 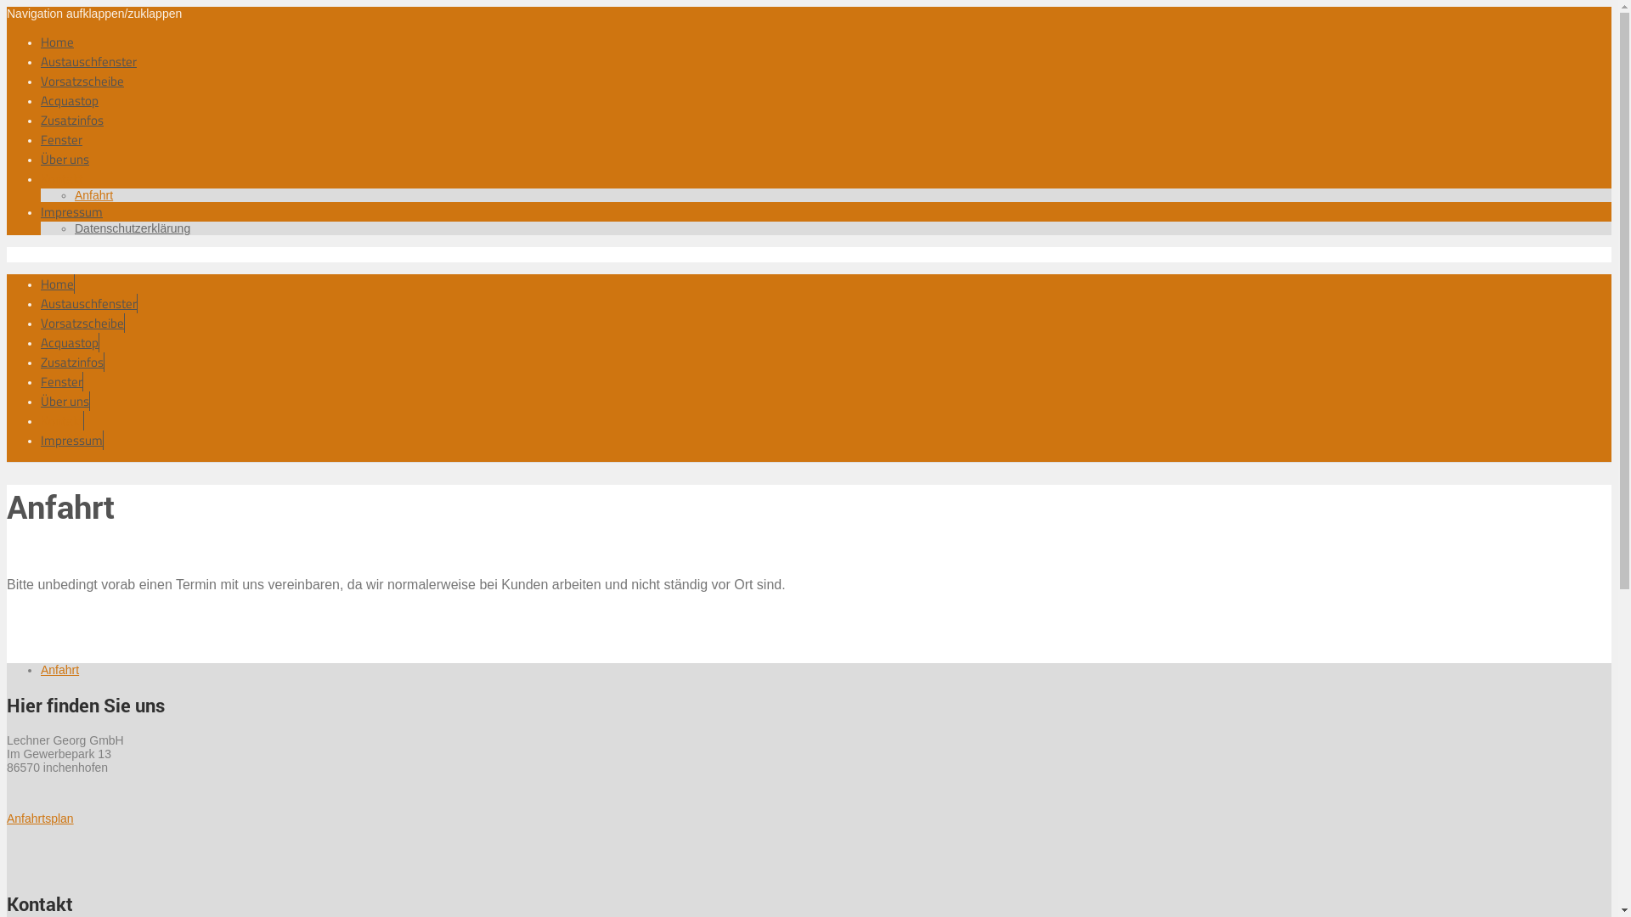 What do you see at coordinates (93, 13) in the screenshot?
I see `'Navigation aufklappen/zuklappen'` at bounding box center [93, 13].